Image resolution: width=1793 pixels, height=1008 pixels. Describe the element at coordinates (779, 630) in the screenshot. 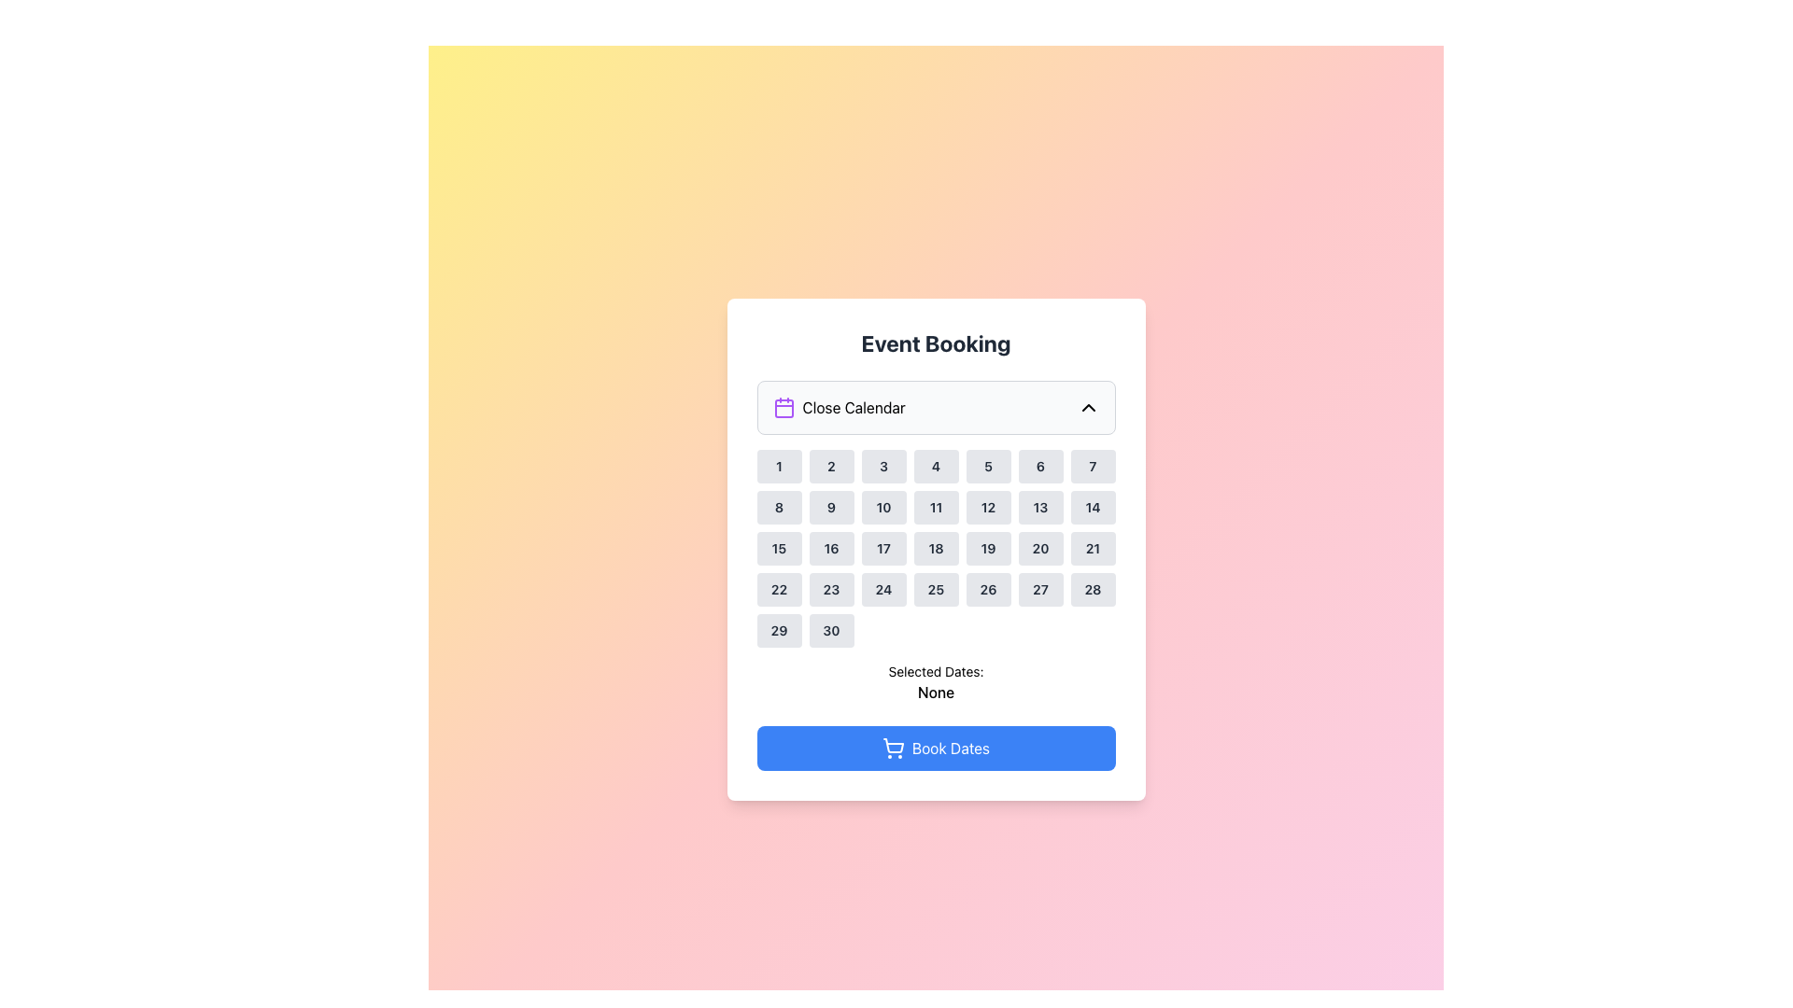

I see `the calendar date button representing the 29th` at that location.